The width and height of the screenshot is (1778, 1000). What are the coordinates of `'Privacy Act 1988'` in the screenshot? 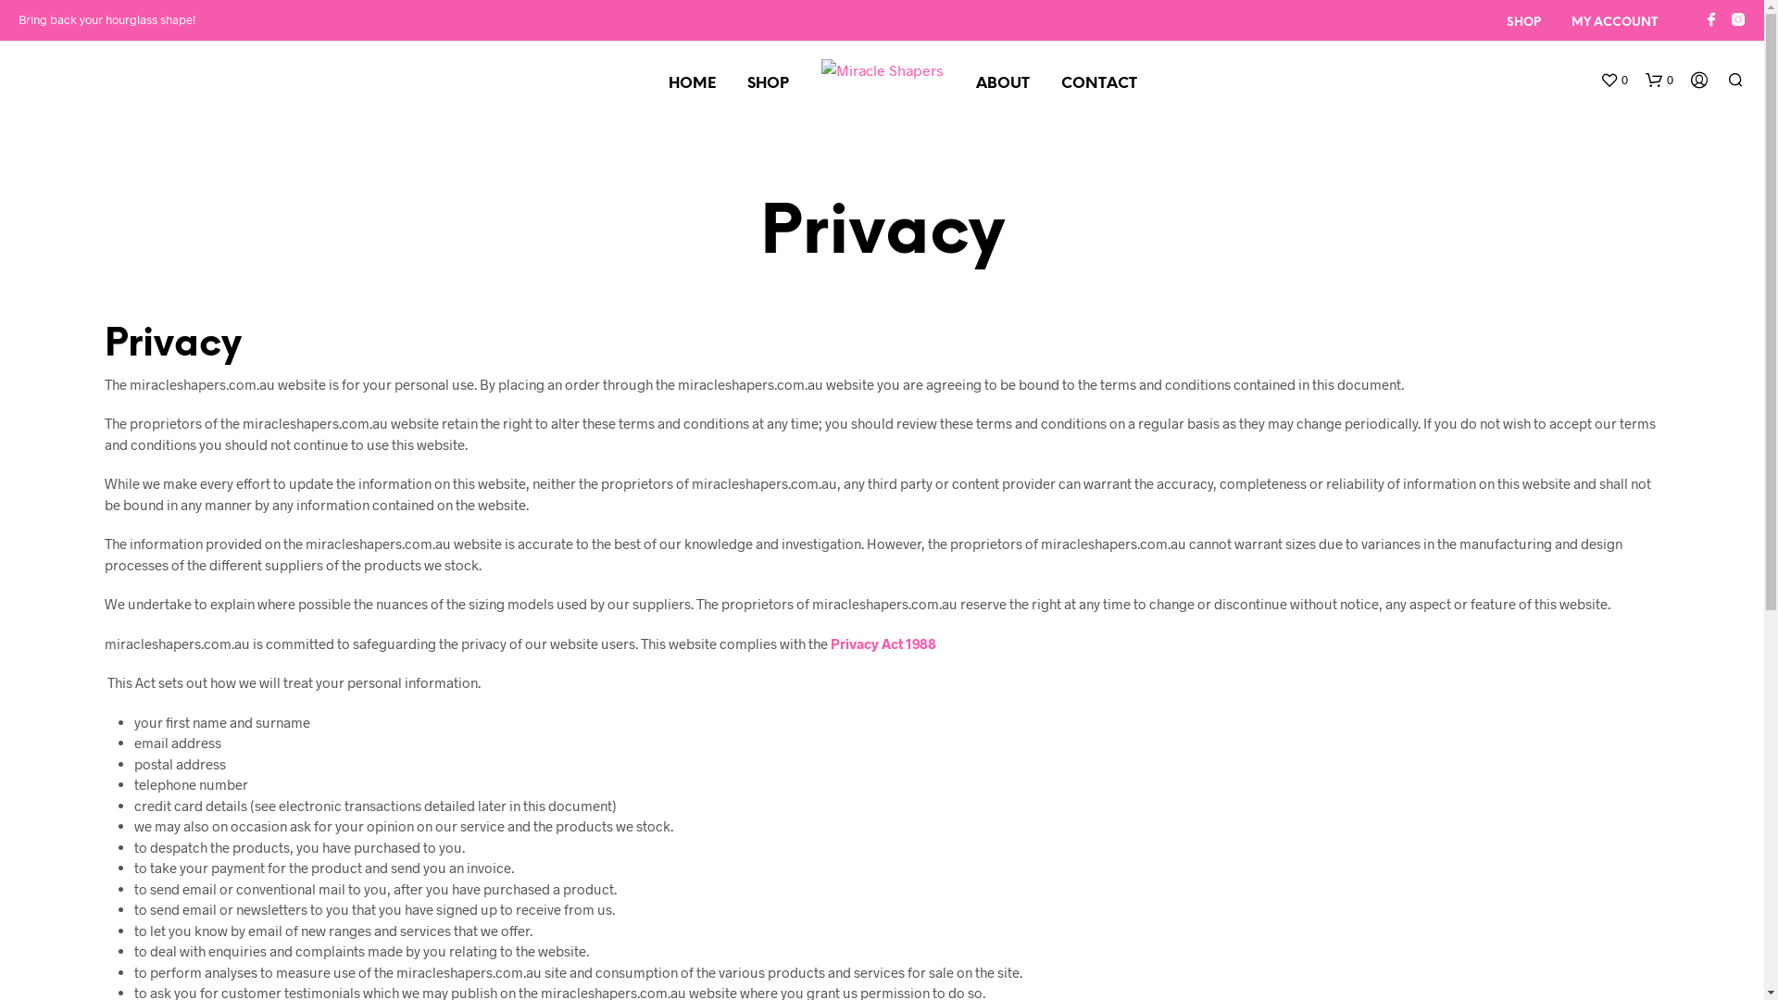 It's located at (882, 642).